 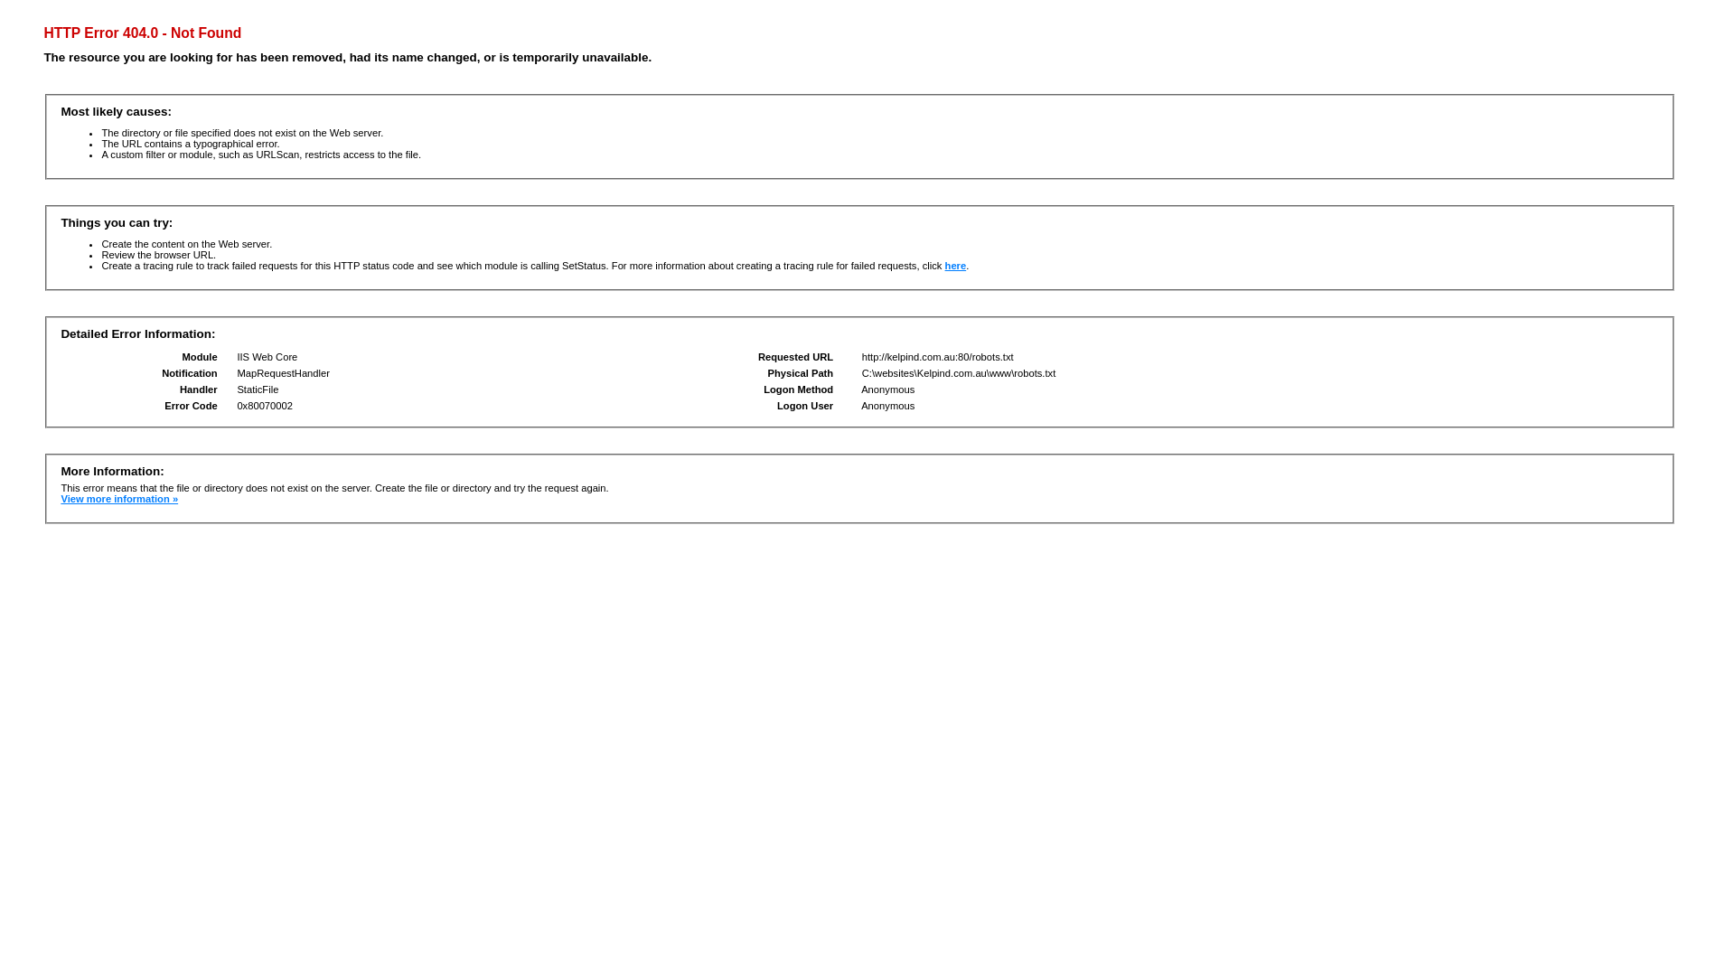 What do you see at coordinates (954, 265) in the screenshot?
I see `'here'` at bounding box center [954, 265].